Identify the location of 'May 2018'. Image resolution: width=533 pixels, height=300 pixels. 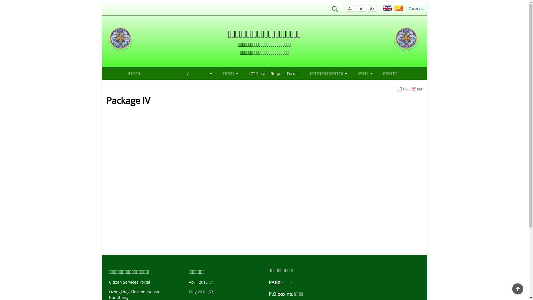
(197, 291).